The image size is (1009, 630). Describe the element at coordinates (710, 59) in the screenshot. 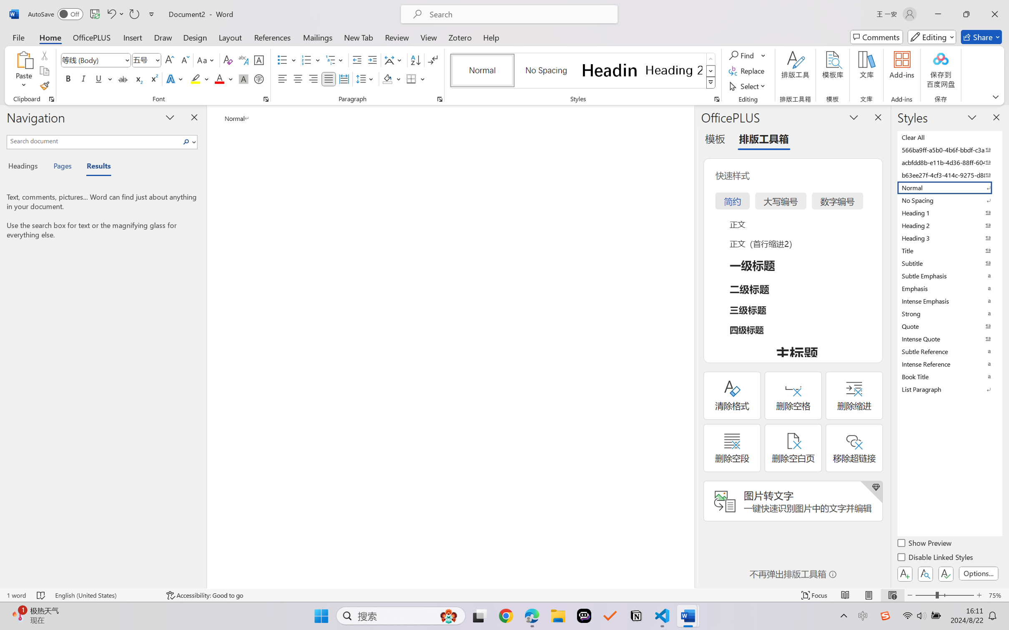

I see `'Row up'` at that location.